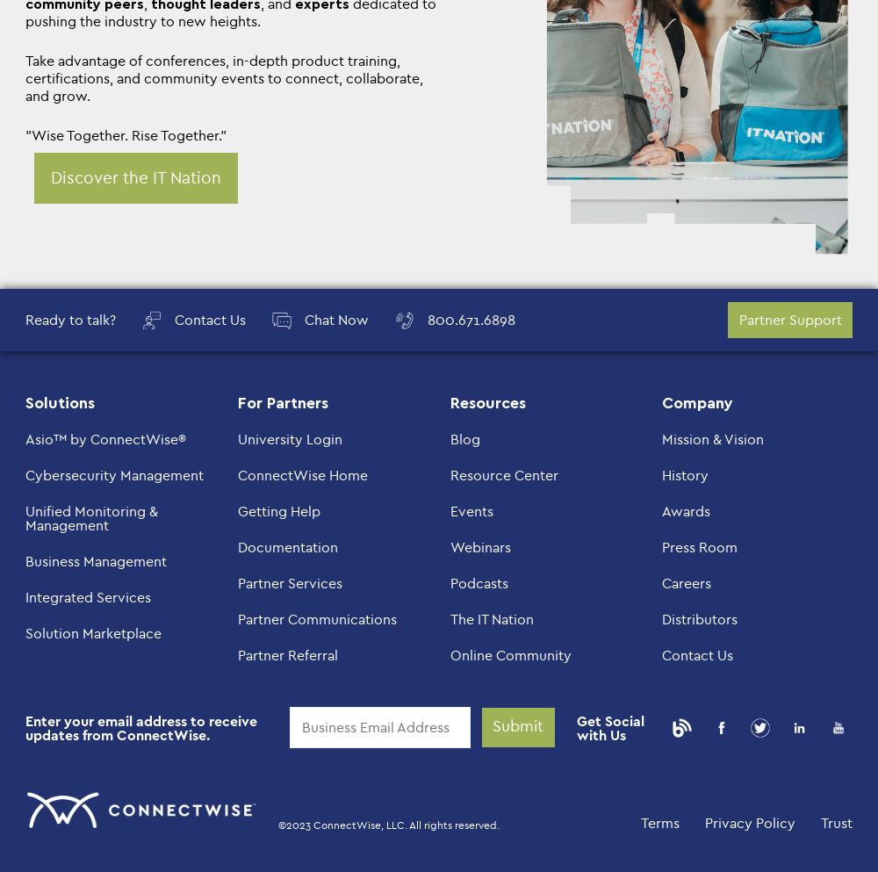 This screenshot has height=872, width=878. What do you see at coordinates (50, 177) in the screenshot?
I see `'Discover the IT Nation'` at bounding box center [50, 177].